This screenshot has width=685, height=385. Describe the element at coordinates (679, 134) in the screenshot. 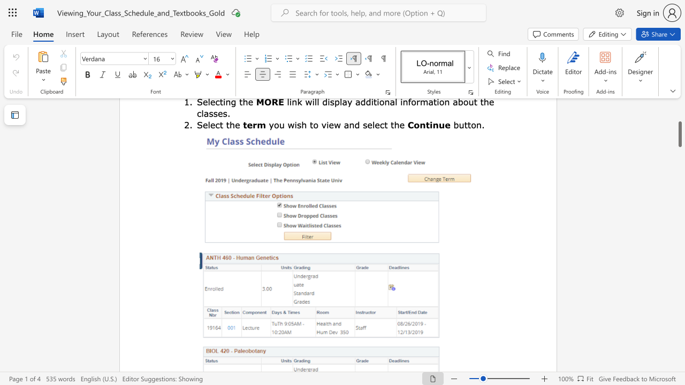

I see `the scrollbar and move up 280 pixels` at that location.